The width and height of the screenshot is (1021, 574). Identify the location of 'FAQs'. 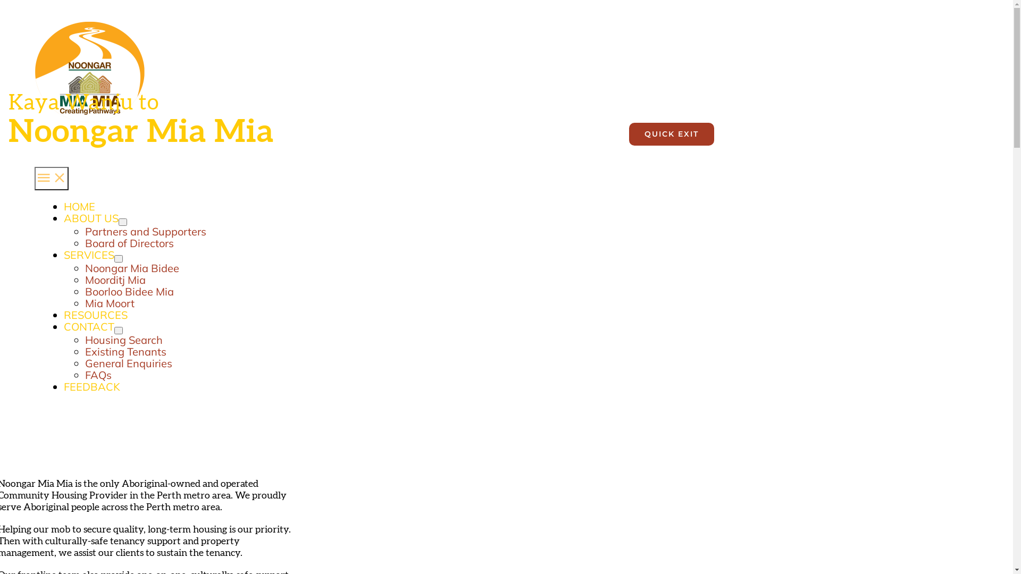
(98, 374).